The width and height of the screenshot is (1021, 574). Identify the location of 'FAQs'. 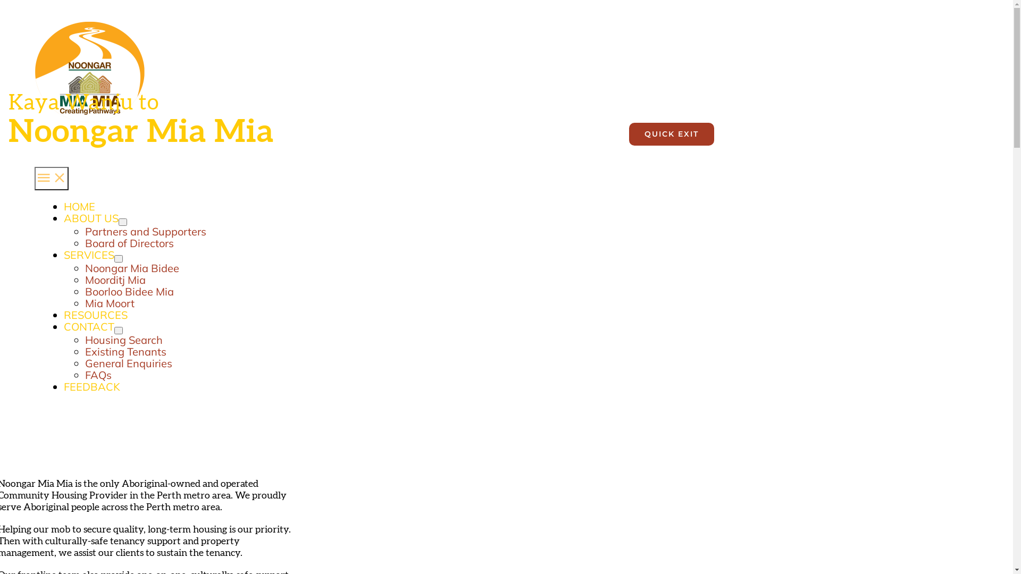
(98, 374).